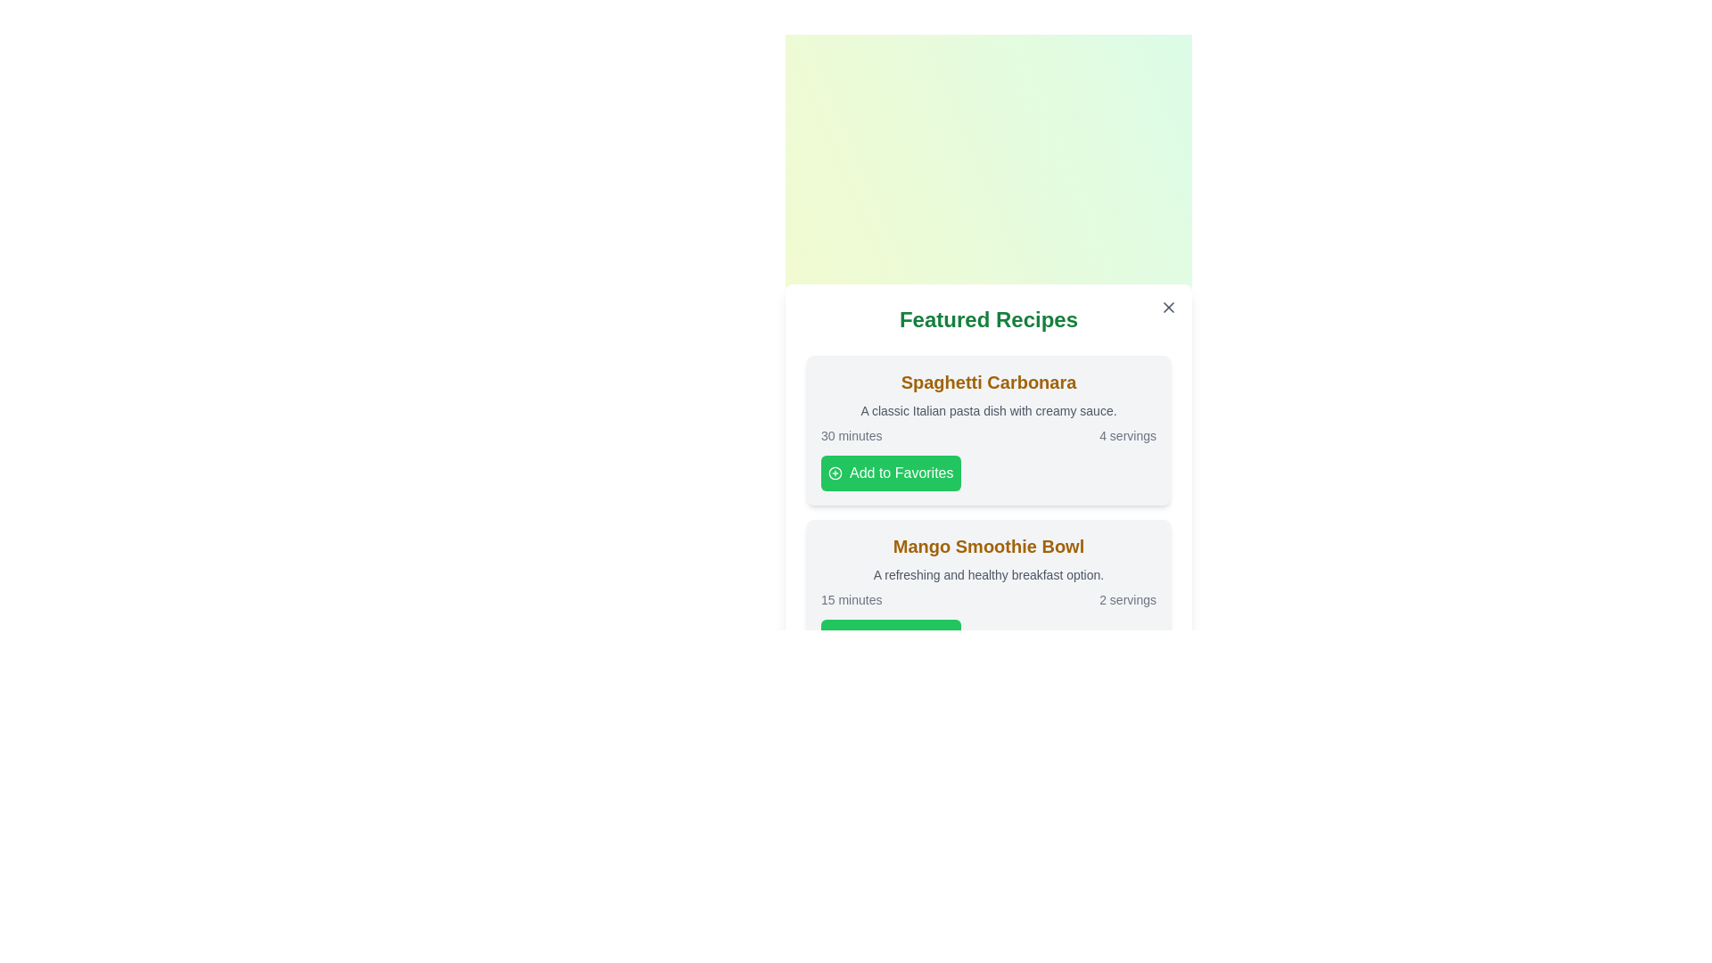  What do you see at coordinates (1168, 306) in the screenshot?
I see `the close button icon located in the top-right corner of the 'Featured Recipes' panel` at bounding box center [1168, 306].